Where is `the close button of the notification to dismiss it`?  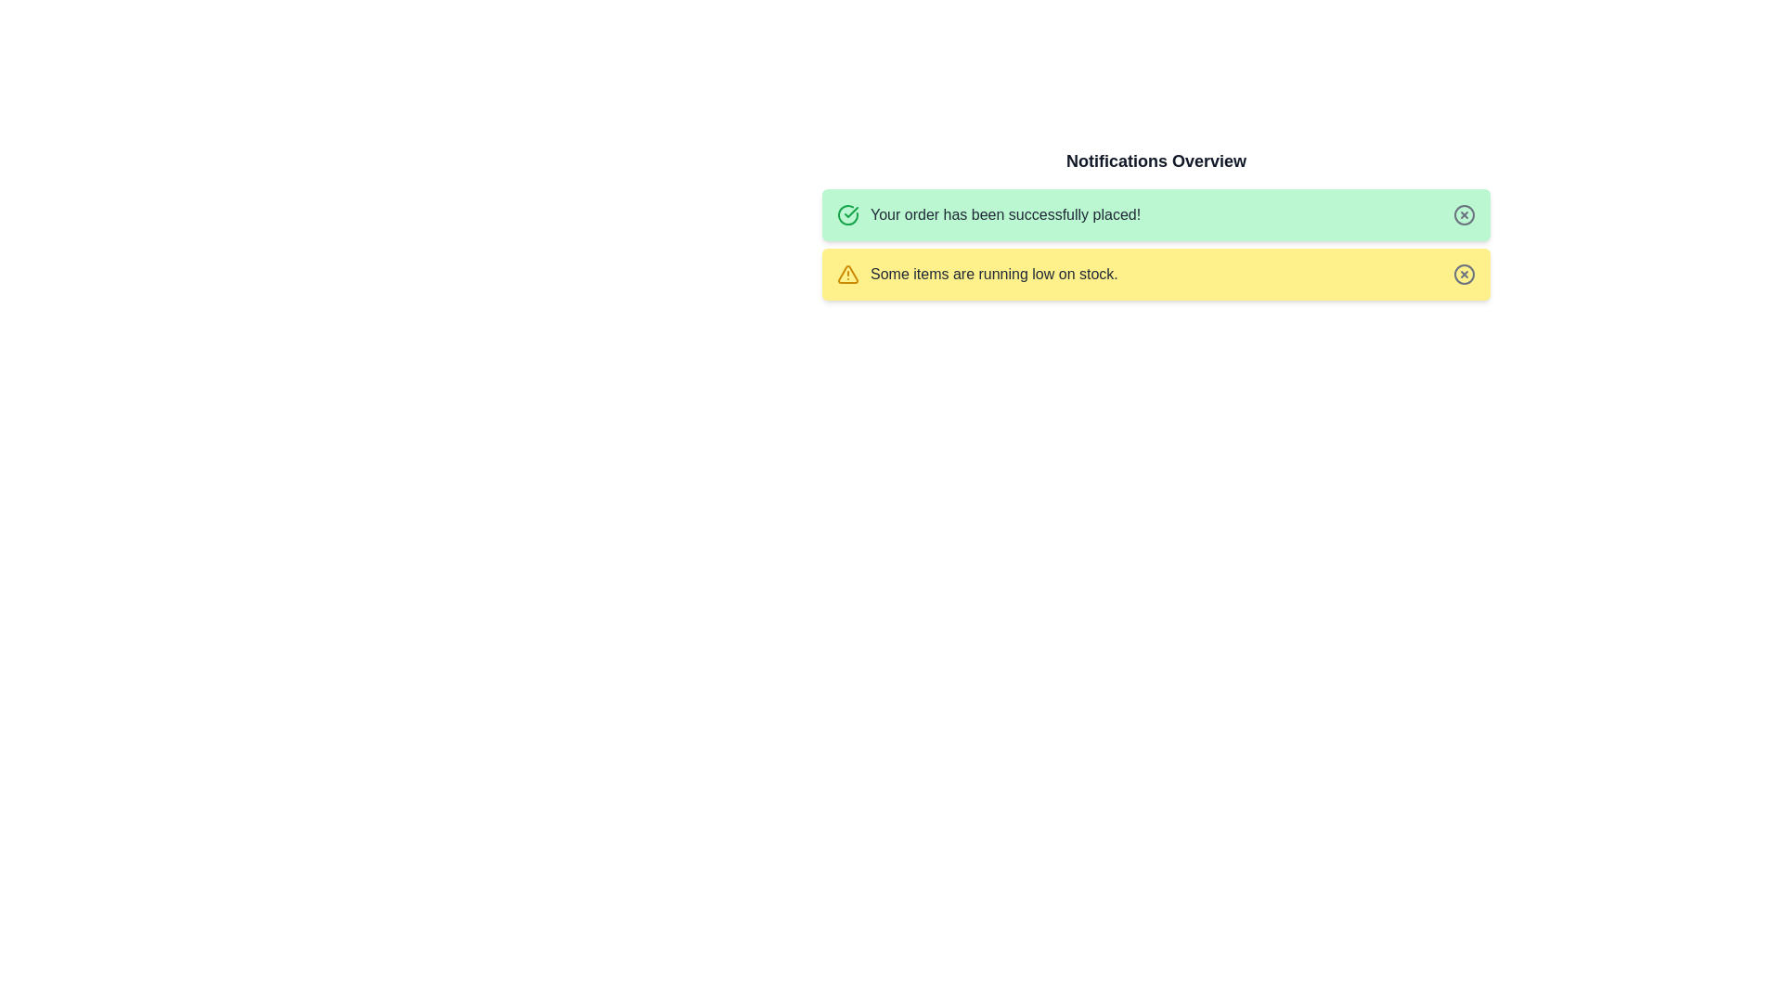 the close button of the notification to dismiss it is located at coordinates (1464, 213).